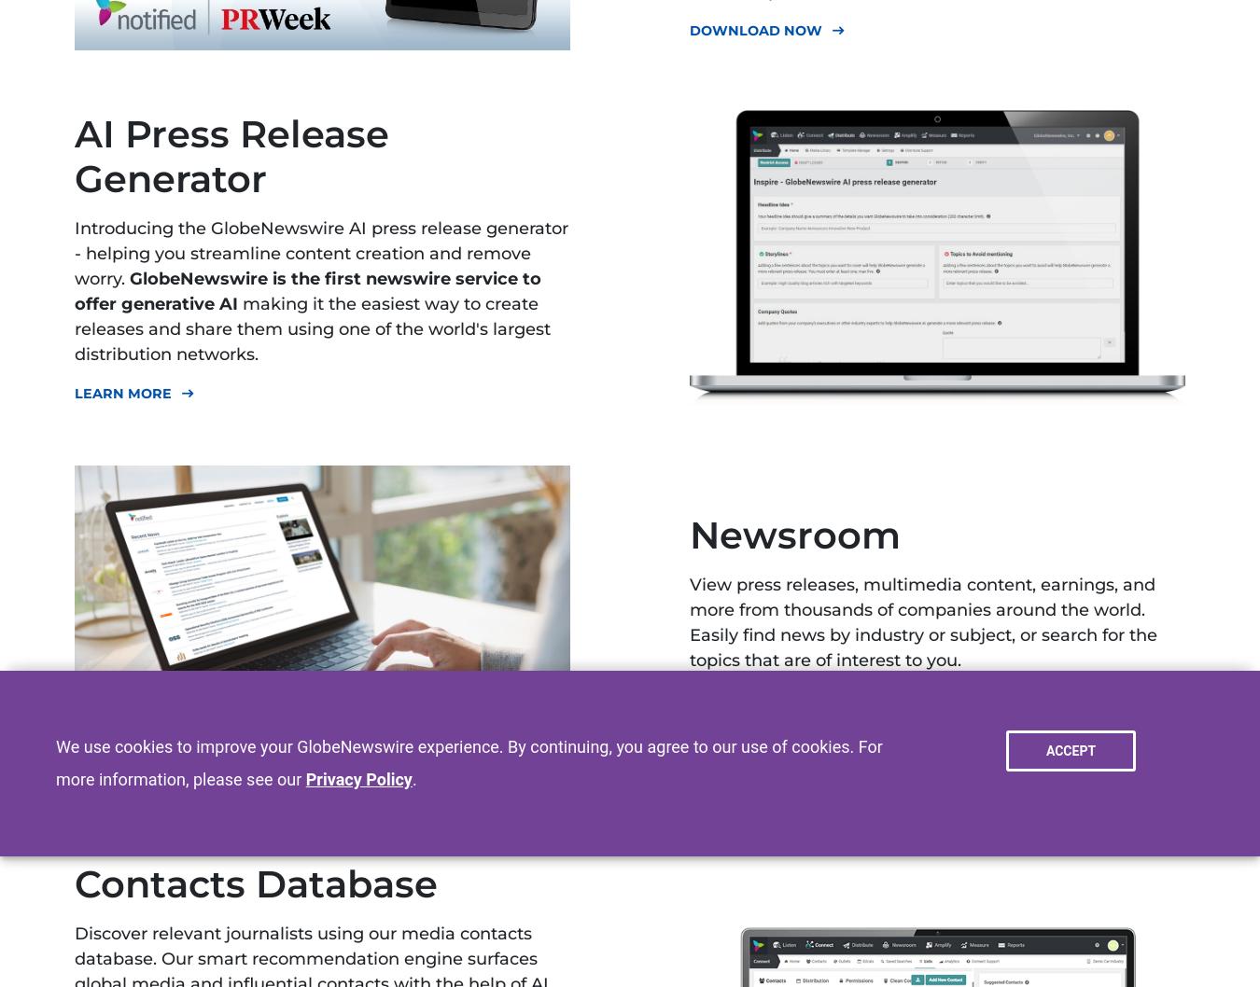 The width and height of the screenshot is (1260, 987). What do you see at coordinates (756, 31) in the screenshot?
I see `'Download Now'` at bounding box center [756, 31].